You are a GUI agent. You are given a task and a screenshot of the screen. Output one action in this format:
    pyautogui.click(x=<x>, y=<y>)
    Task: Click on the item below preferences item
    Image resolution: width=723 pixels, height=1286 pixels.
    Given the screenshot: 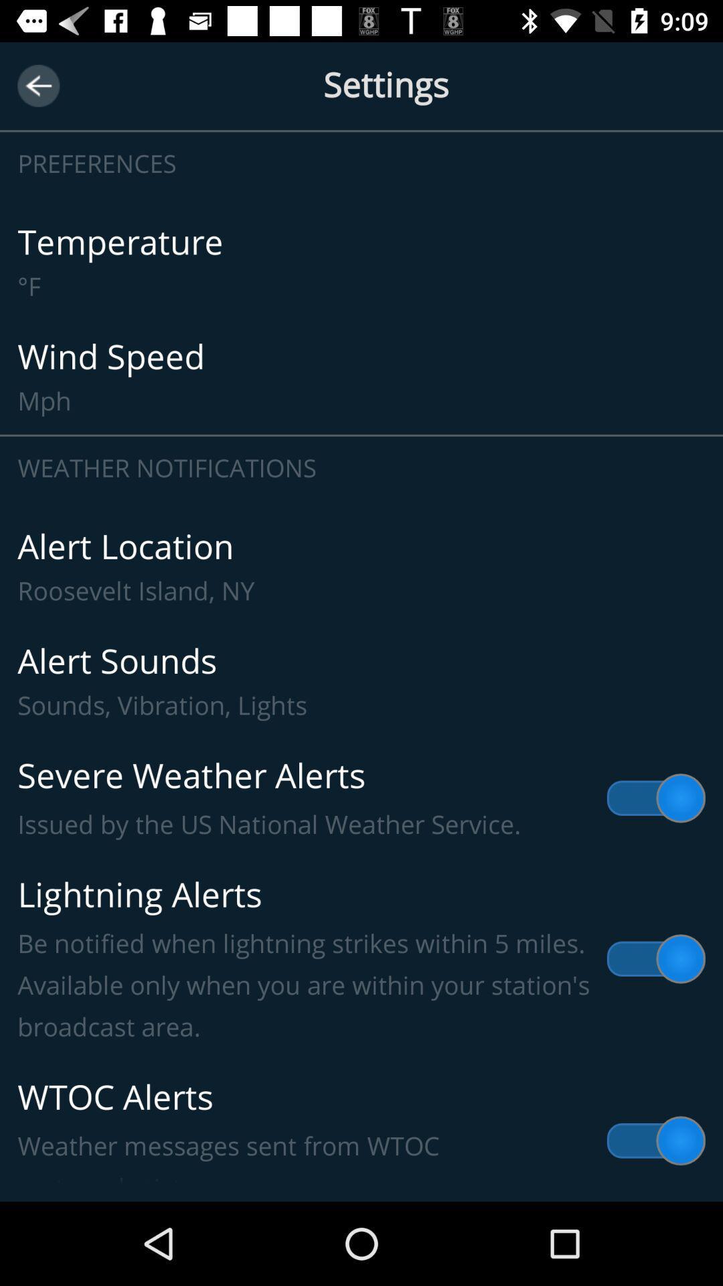 What is the action you would take?
    pyautogui.click(x=361, y=263)
    